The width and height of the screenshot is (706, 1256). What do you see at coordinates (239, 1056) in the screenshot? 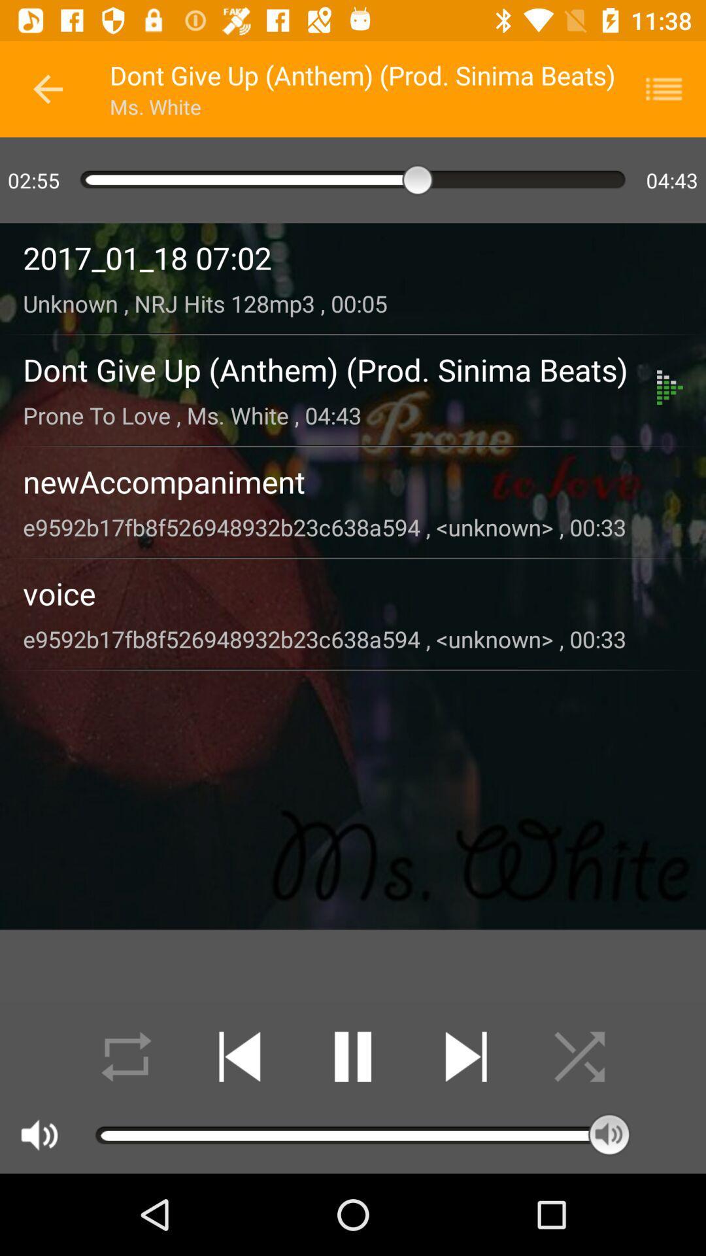
I see `the skip_previous icon` at bounding box center [239, 1056].